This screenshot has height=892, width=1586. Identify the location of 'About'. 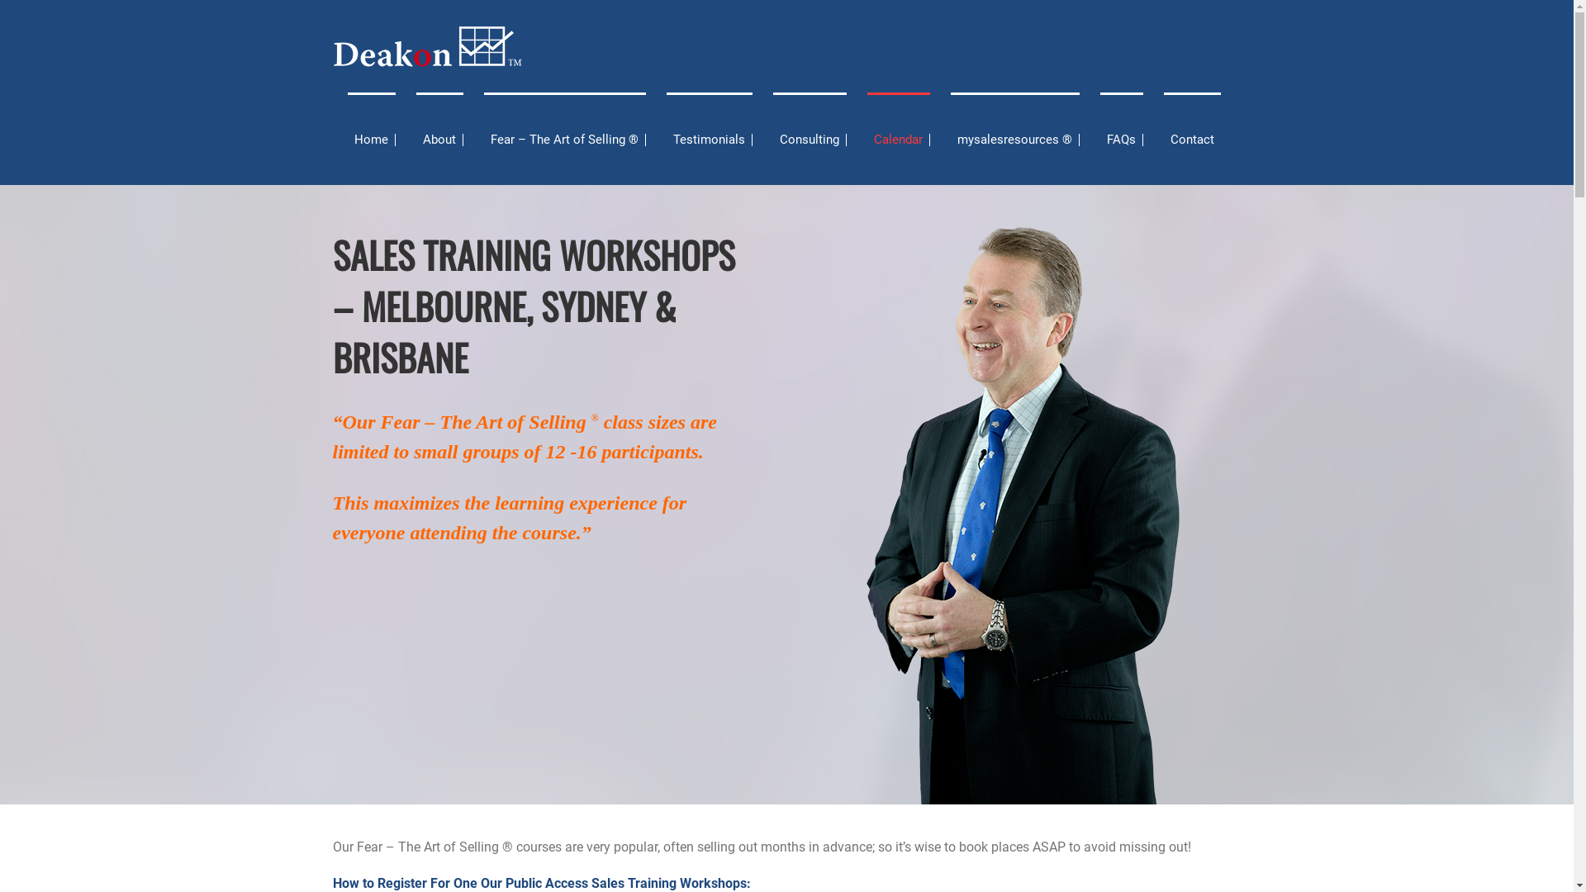
(439, 138).